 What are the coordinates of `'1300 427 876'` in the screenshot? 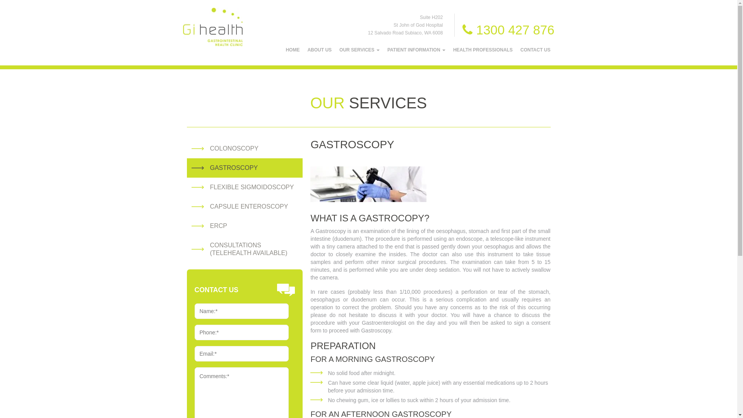 It's located at (508, 29).